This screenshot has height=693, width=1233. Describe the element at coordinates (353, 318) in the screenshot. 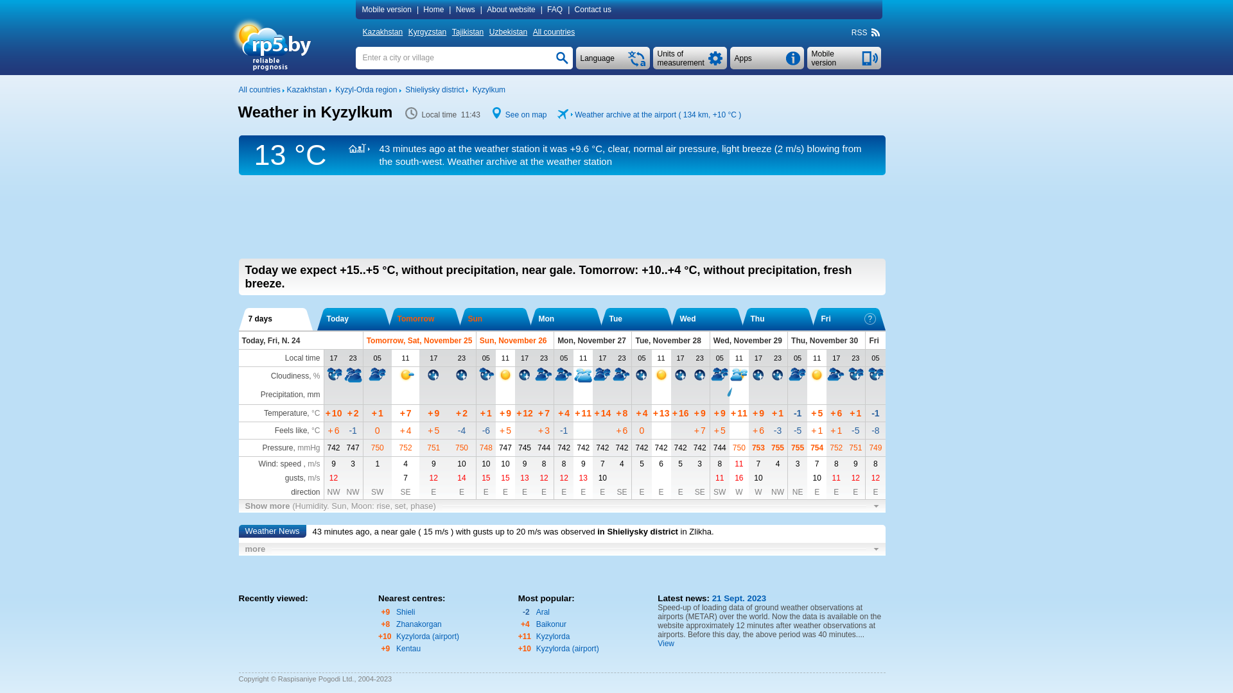

I see `'Today'` at that location.